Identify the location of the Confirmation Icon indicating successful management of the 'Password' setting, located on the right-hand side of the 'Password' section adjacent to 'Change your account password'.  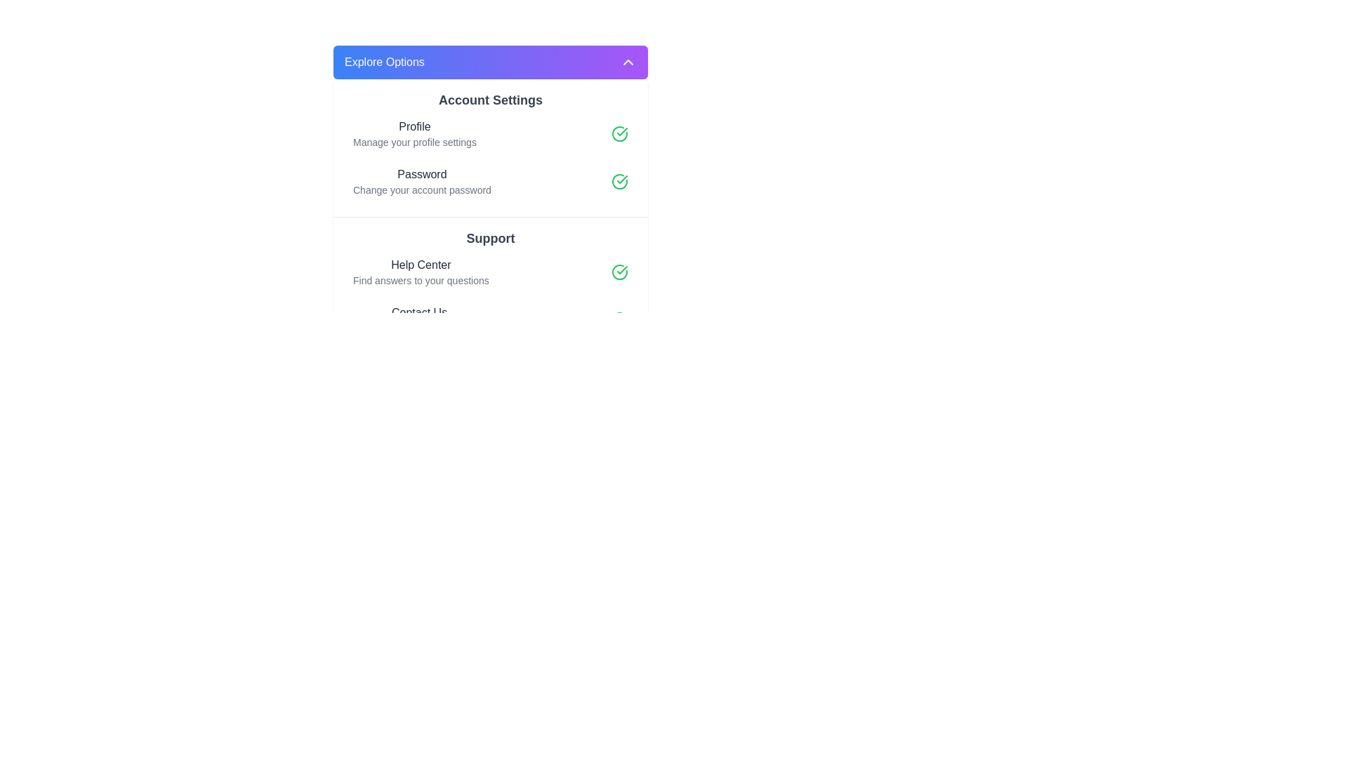
(619, 180).